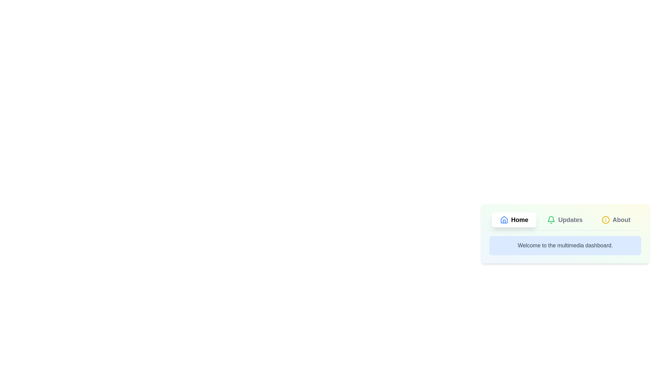  I want to click on the tab 'About' to view its content, so click(616, 220).